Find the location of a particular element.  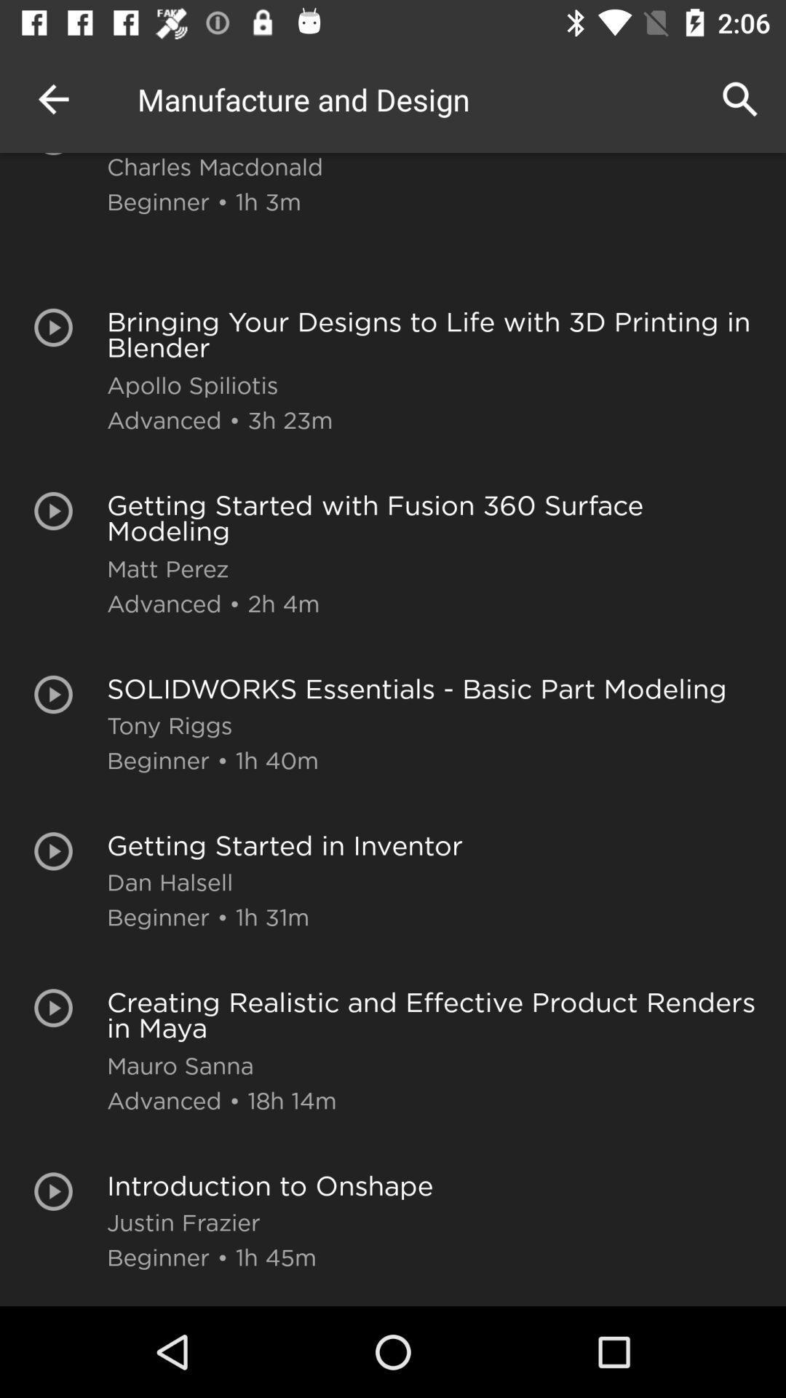

the icon at the top right corner is located at coordinates (740, 98).